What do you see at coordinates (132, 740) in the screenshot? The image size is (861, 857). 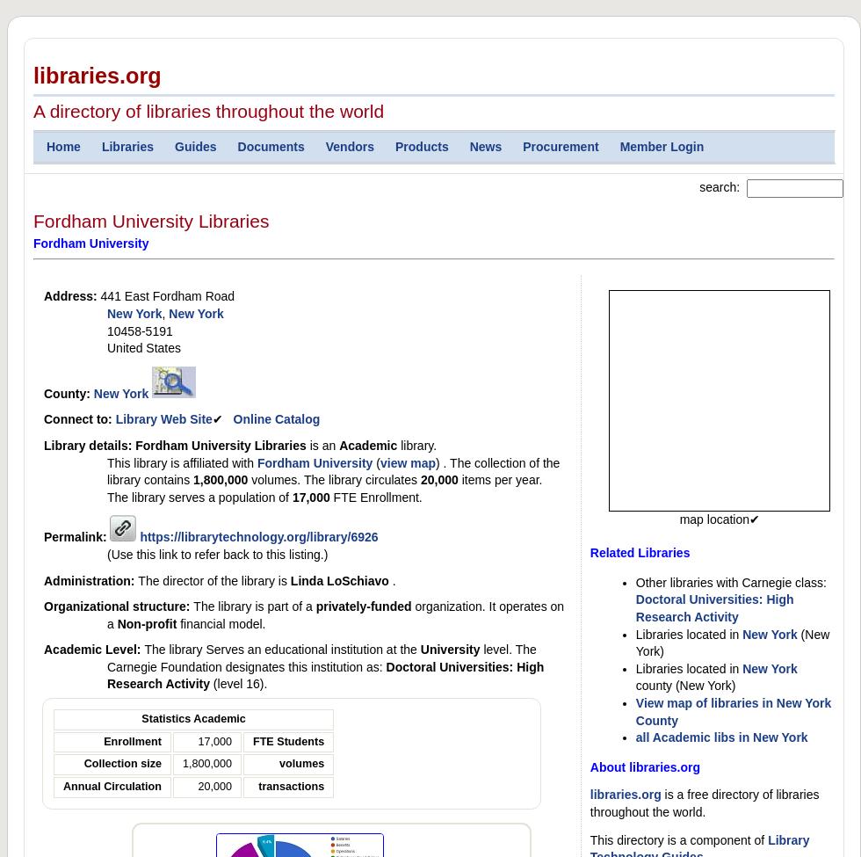 I see `'Enrollment'` at bounding box center [132, 740].